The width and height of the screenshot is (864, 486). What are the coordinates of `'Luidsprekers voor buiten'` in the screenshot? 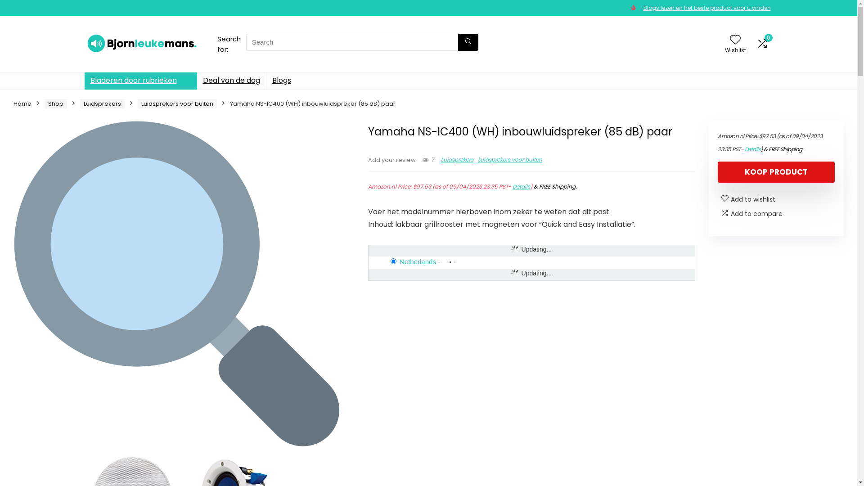 It's located at (177, 103).